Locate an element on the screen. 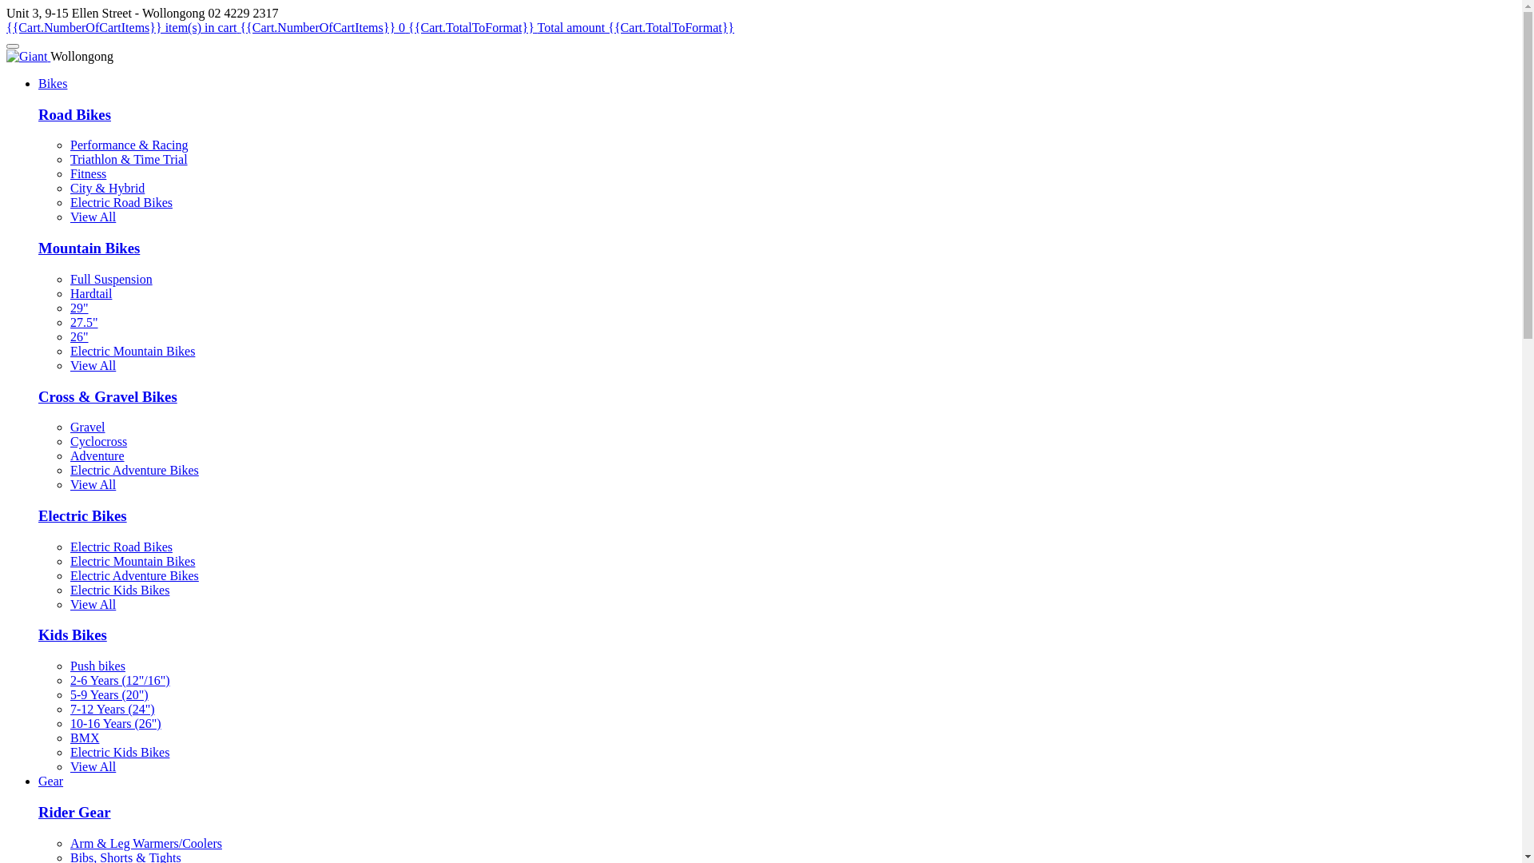  '5-9 Years (20")' is located at coordinates (109, 694).